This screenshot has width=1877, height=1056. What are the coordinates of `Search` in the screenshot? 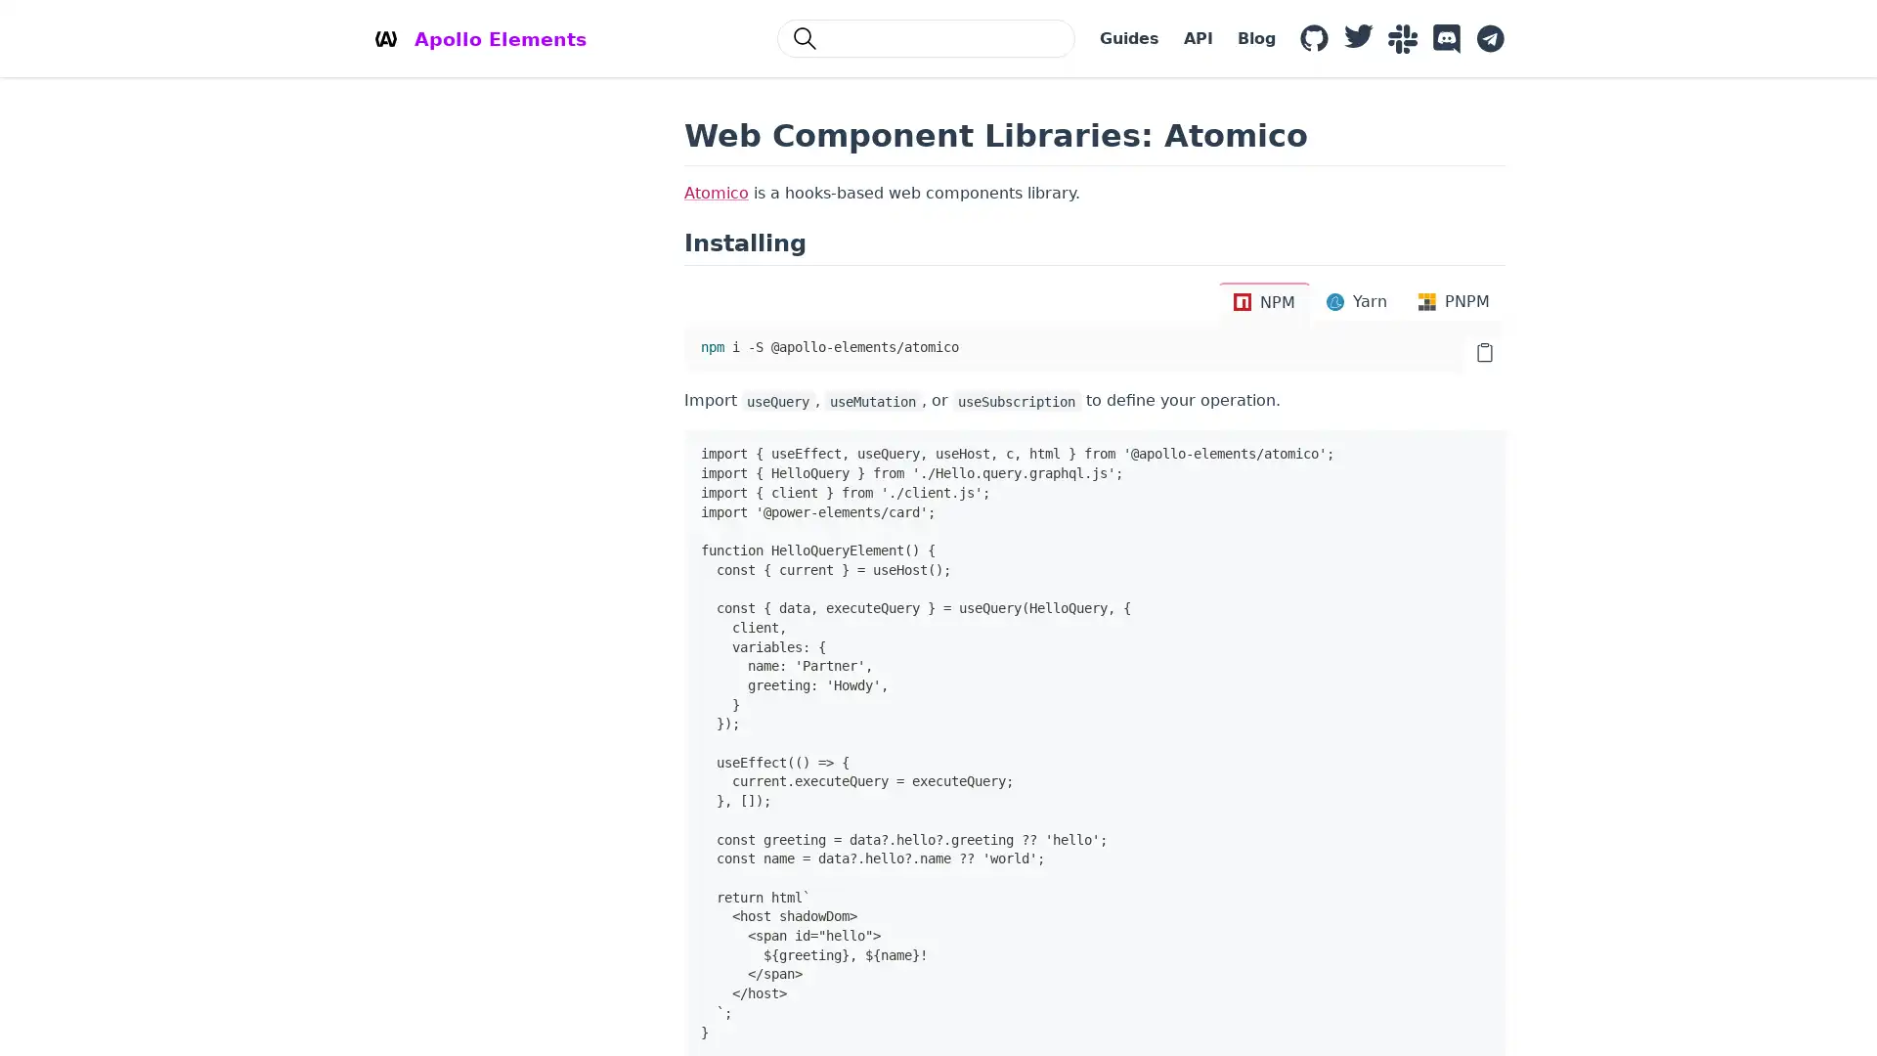 It's located at (805, 38).